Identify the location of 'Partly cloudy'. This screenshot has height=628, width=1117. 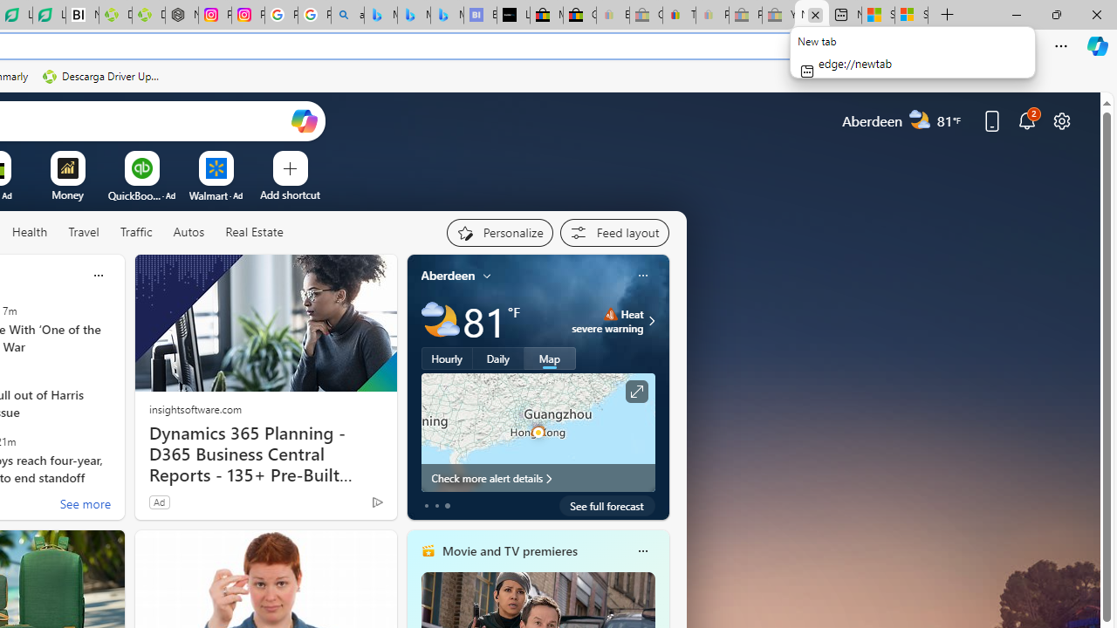
(440, 321).